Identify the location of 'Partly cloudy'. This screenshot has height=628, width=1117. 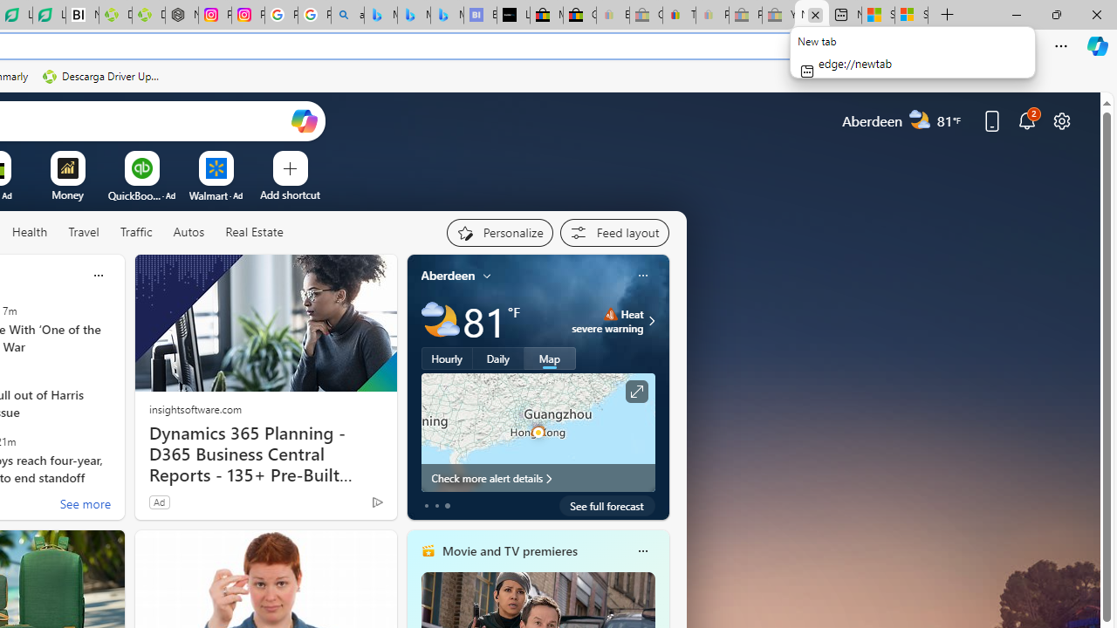
(440, 321).